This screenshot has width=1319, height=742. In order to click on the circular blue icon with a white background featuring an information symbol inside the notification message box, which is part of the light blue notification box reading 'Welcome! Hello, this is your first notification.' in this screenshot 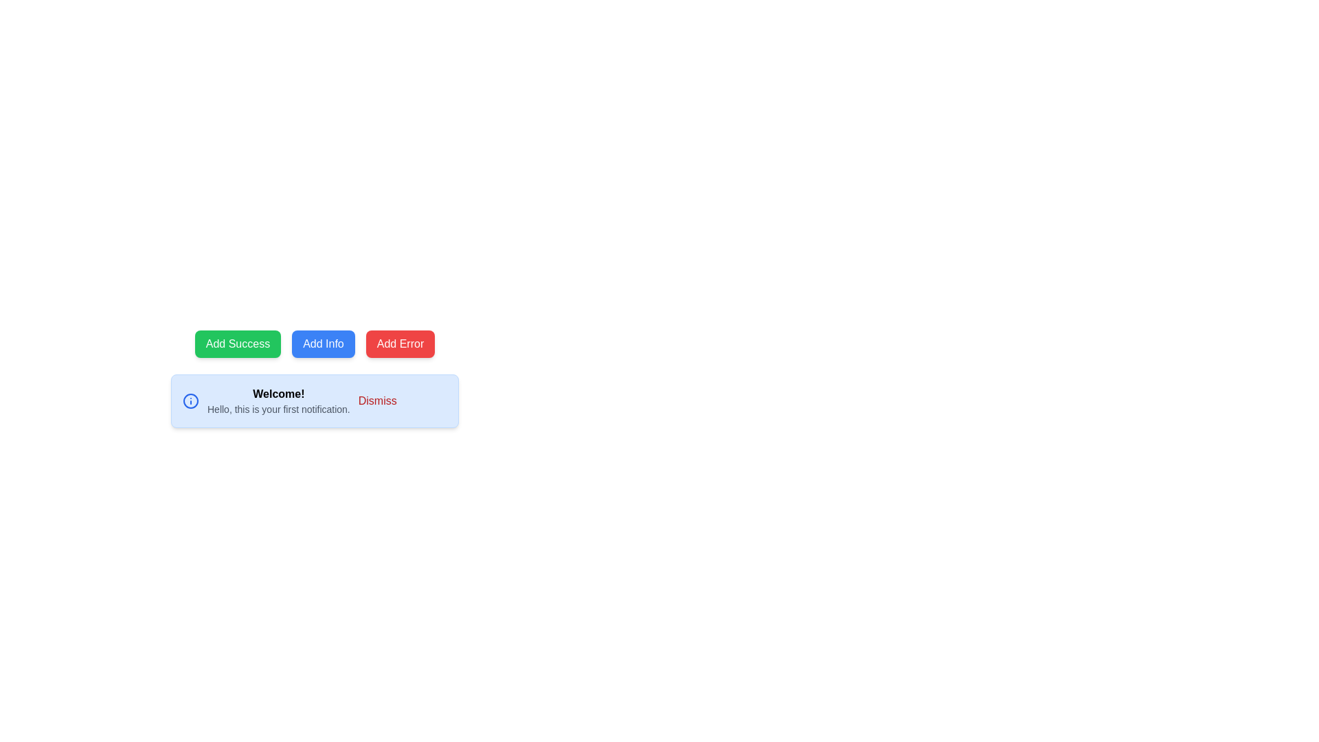, I will do `click(190, 401)`.